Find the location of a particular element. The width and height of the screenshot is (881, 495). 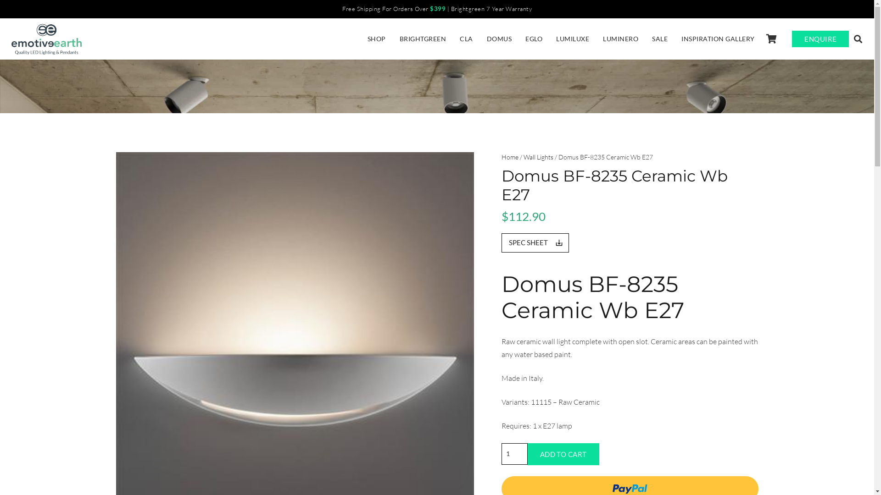

'SHOP' is located at coordinates (360, 38).